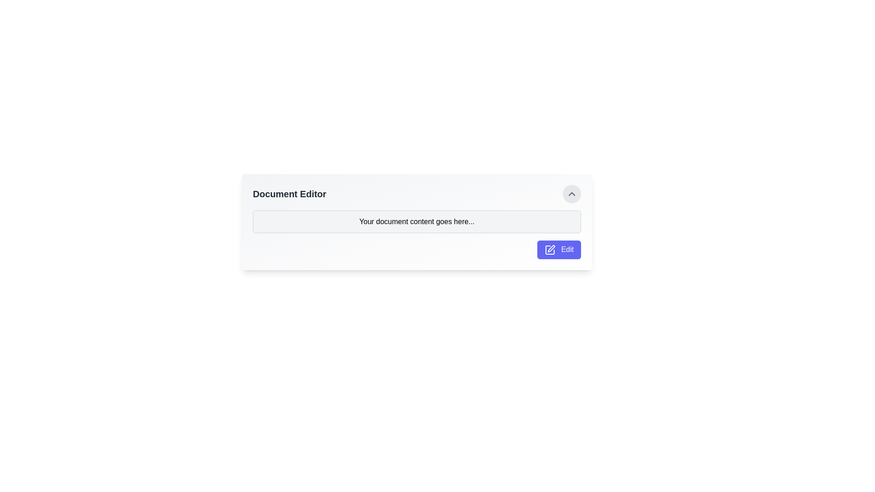  I want to click on on the static text display area within the 'Document Editor', so click(417, 221).